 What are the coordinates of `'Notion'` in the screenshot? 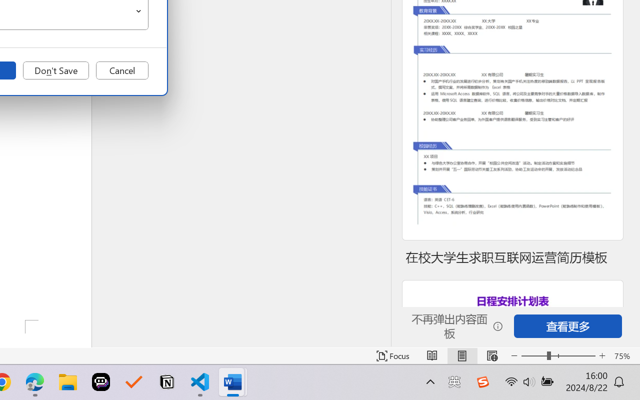 It's located at (167, 382).